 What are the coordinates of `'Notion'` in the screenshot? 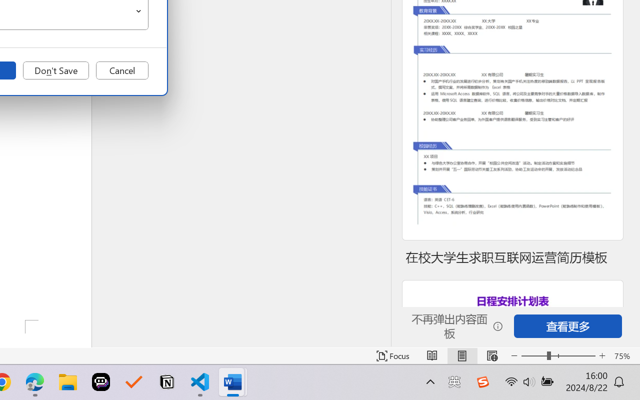 It's located at (167, 382).